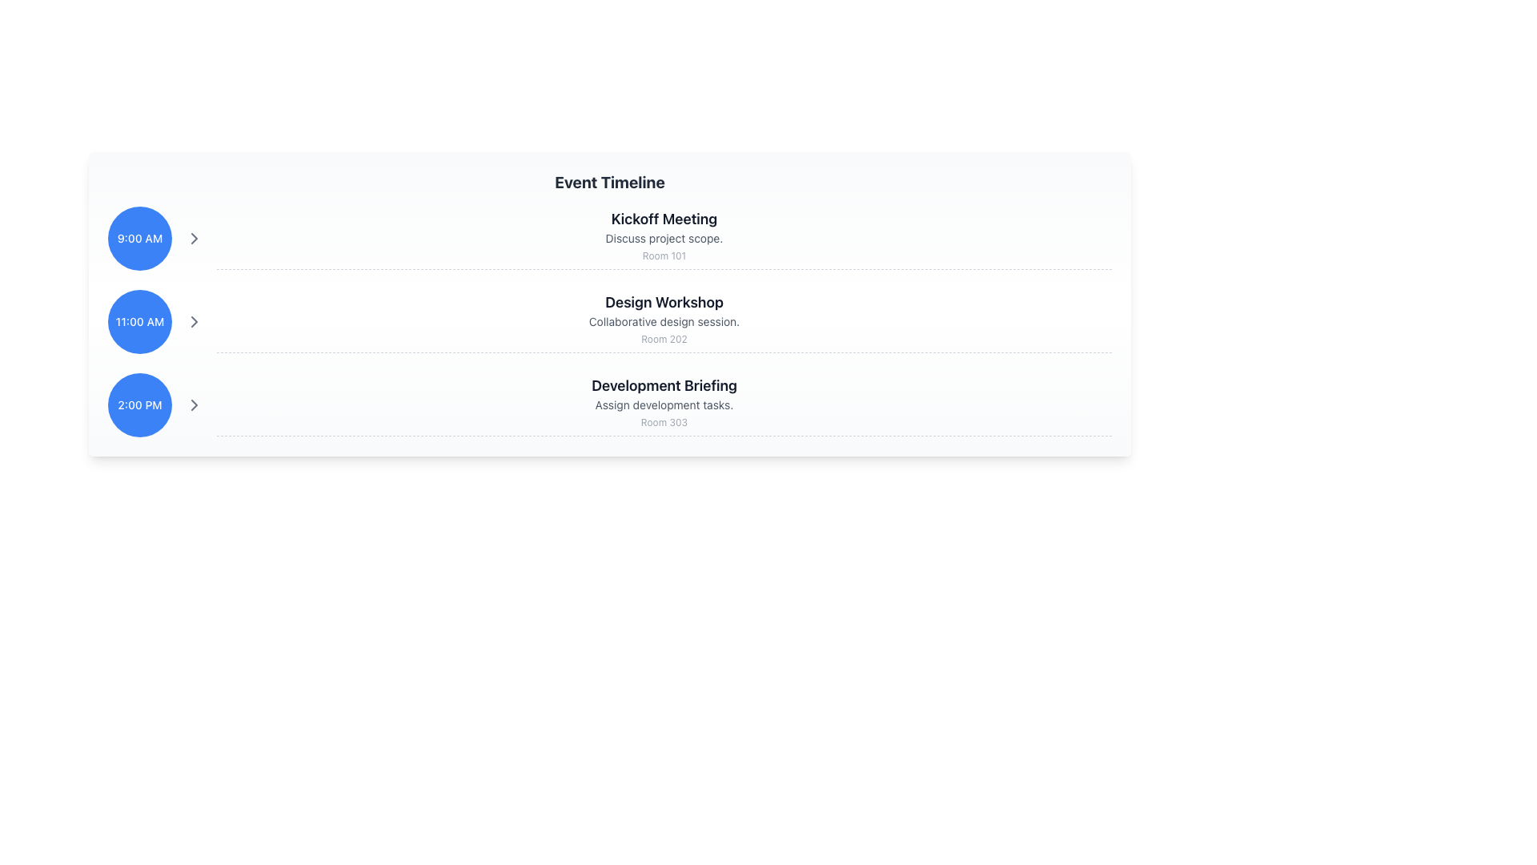  I want to click on the text component reading 'Assign development tasks.' which is styled in a small gray font and positioned below 'Development Briefing', so click(664, 404).